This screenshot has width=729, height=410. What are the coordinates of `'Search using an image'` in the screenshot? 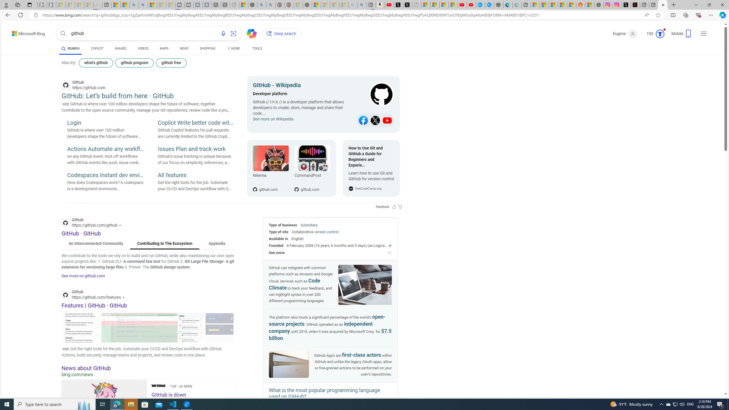 It's located at (233, 34).